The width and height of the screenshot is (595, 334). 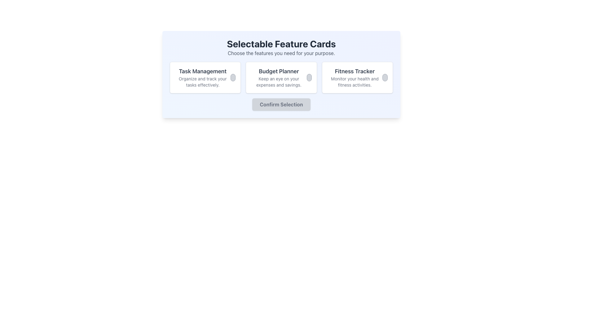 What do you see at coordinates (278, 82) in the screenshot?
I see `the text element stating 'Keep an eye on your expenses and savings.' located centrally in the white card component below the 'Budget Planner' heading` at bounding box center [278, 82].